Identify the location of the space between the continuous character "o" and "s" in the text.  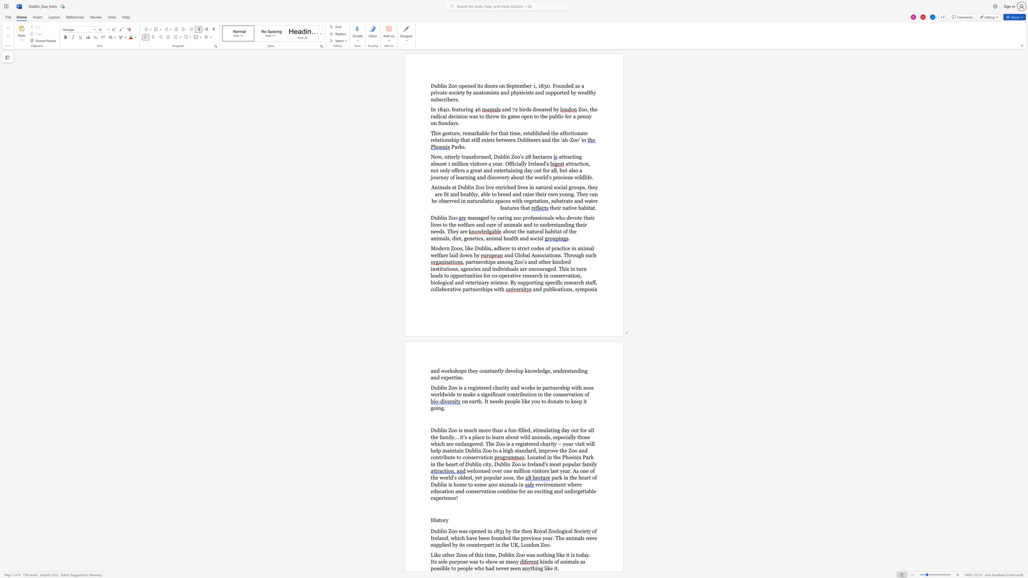
(436, 568).